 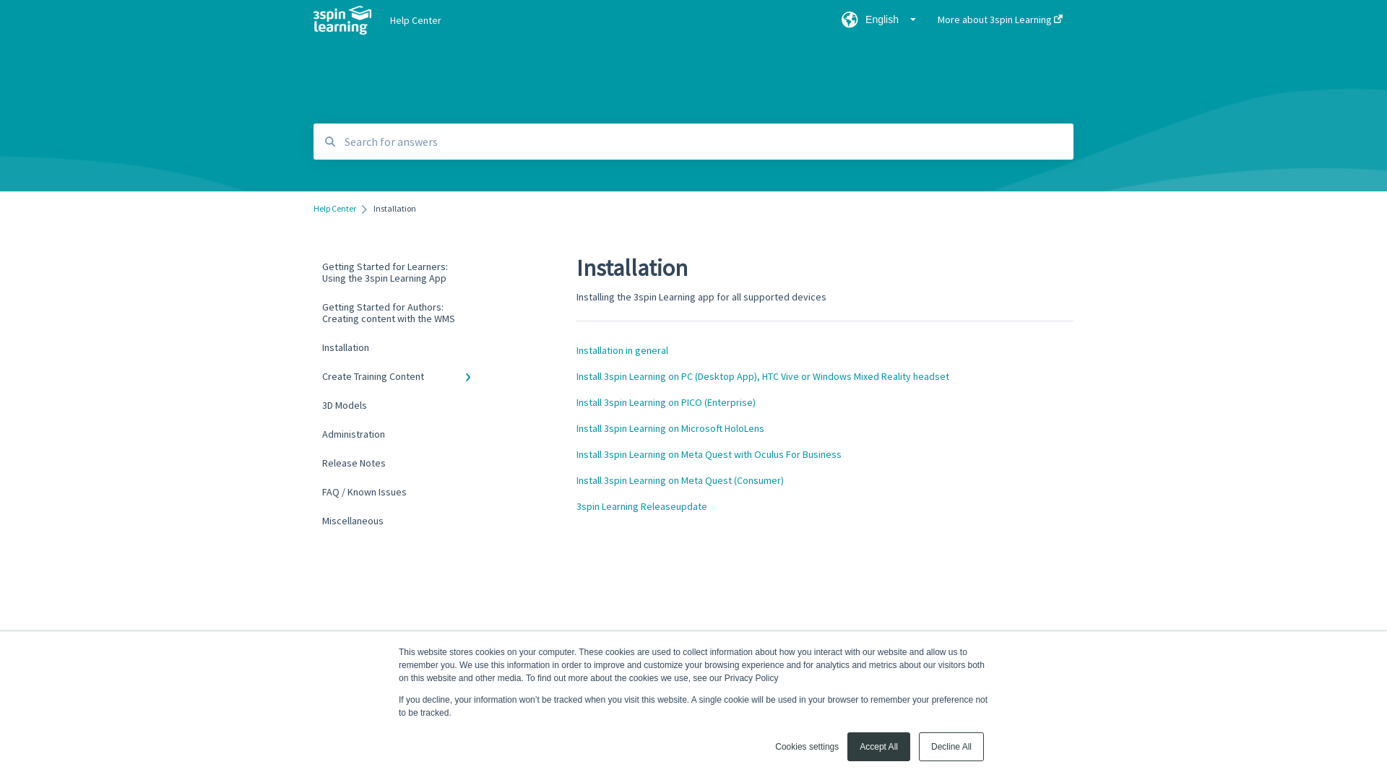 What do you see at coordinates (399, 311) in the screenshot?
I see `'Getting Started for Authors: Creating content with the WMS'` at bounding box center [399, 311].